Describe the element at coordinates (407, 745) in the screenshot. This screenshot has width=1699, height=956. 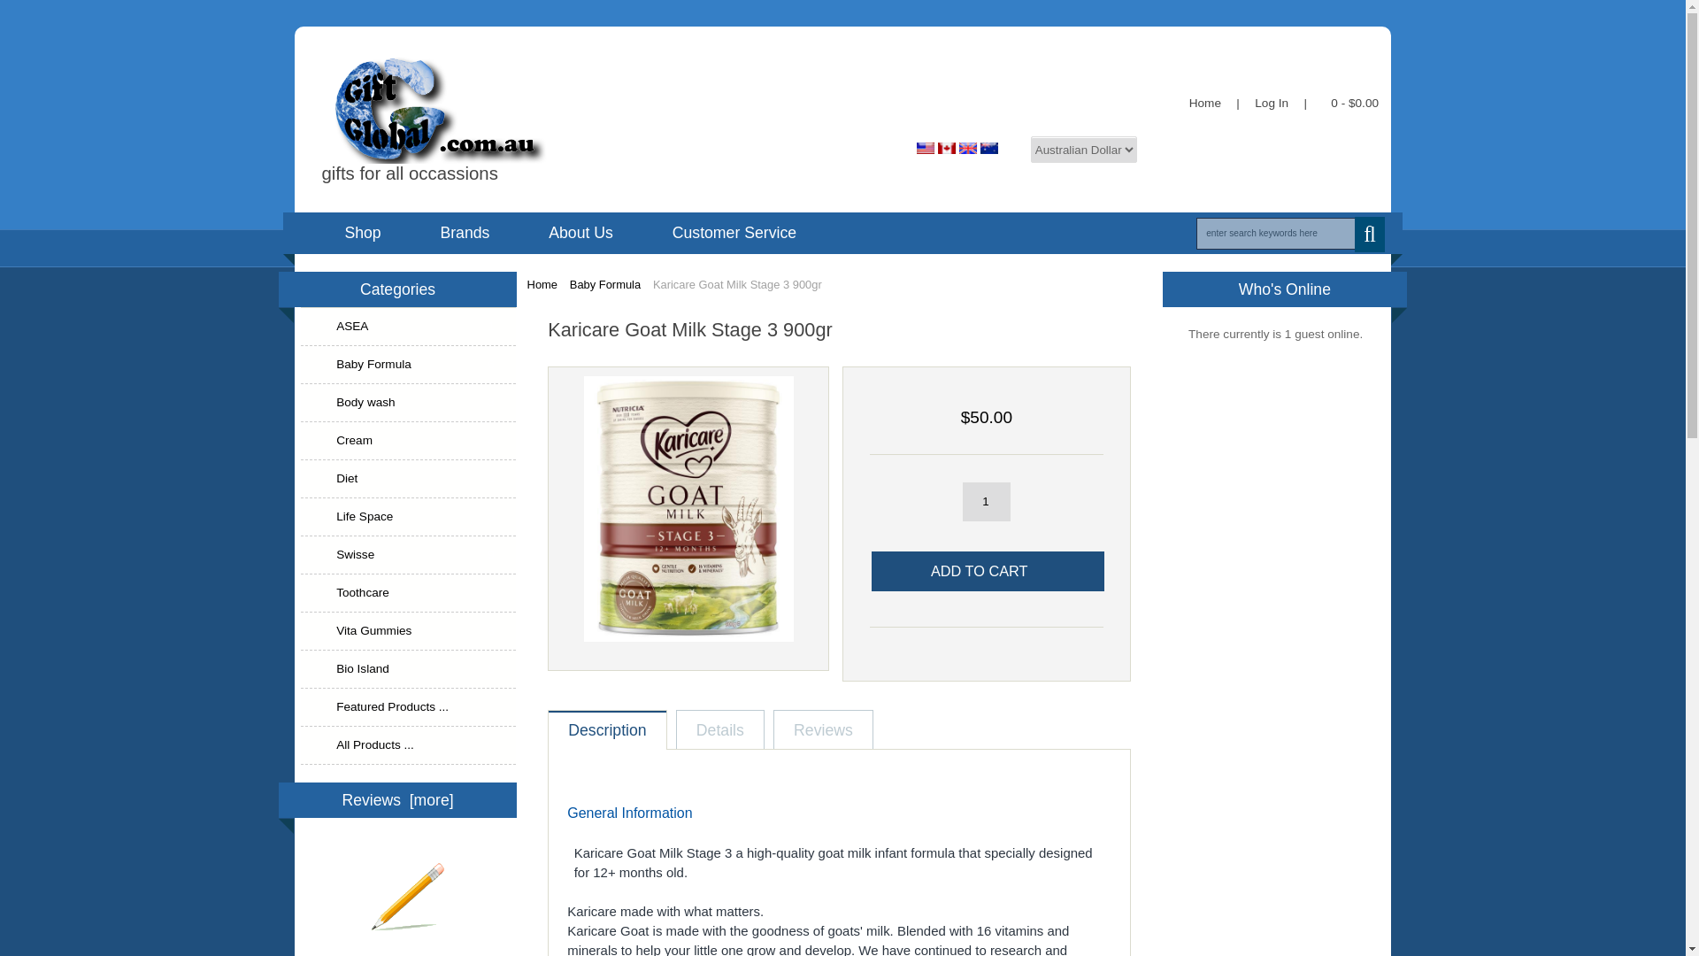
I see `'All Products ...'` at that location.